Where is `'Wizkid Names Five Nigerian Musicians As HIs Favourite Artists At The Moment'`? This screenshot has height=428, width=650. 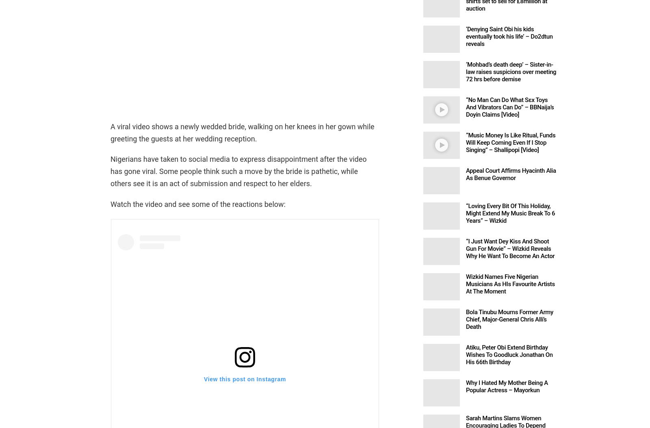
'Wizkid Names Five Nigerian Musicians As HIs Favourite Artists At The Moment' is located at coordinates (510, 284).